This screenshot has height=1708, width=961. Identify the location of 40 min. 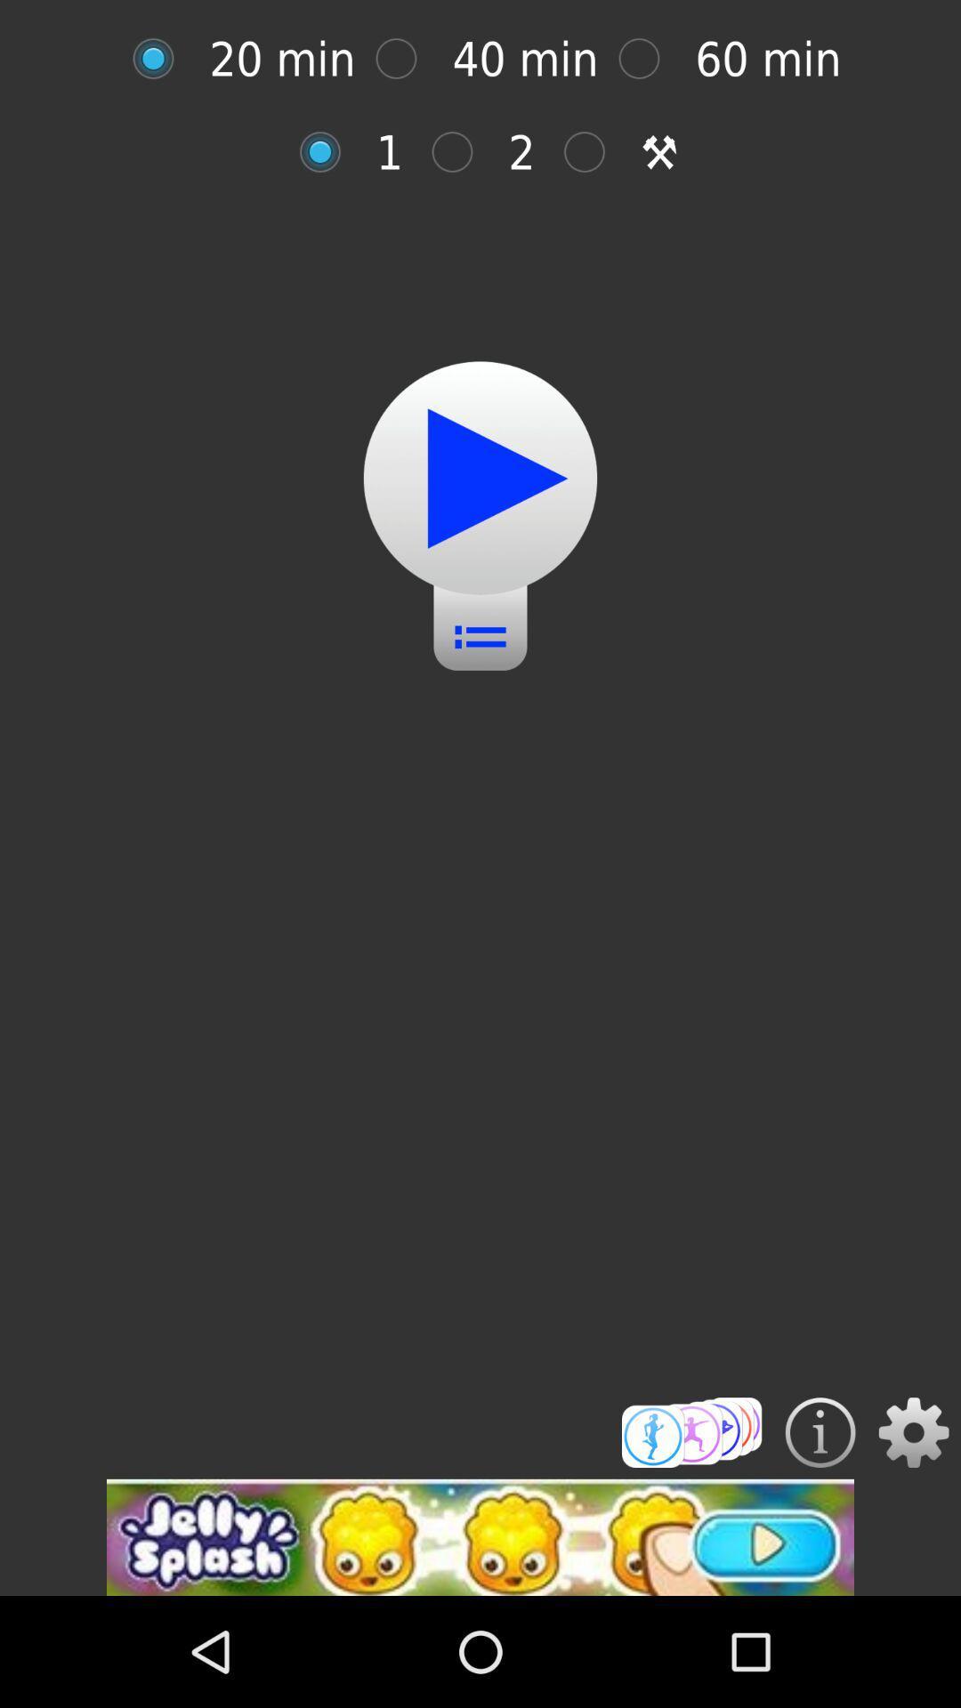
(405, 59).